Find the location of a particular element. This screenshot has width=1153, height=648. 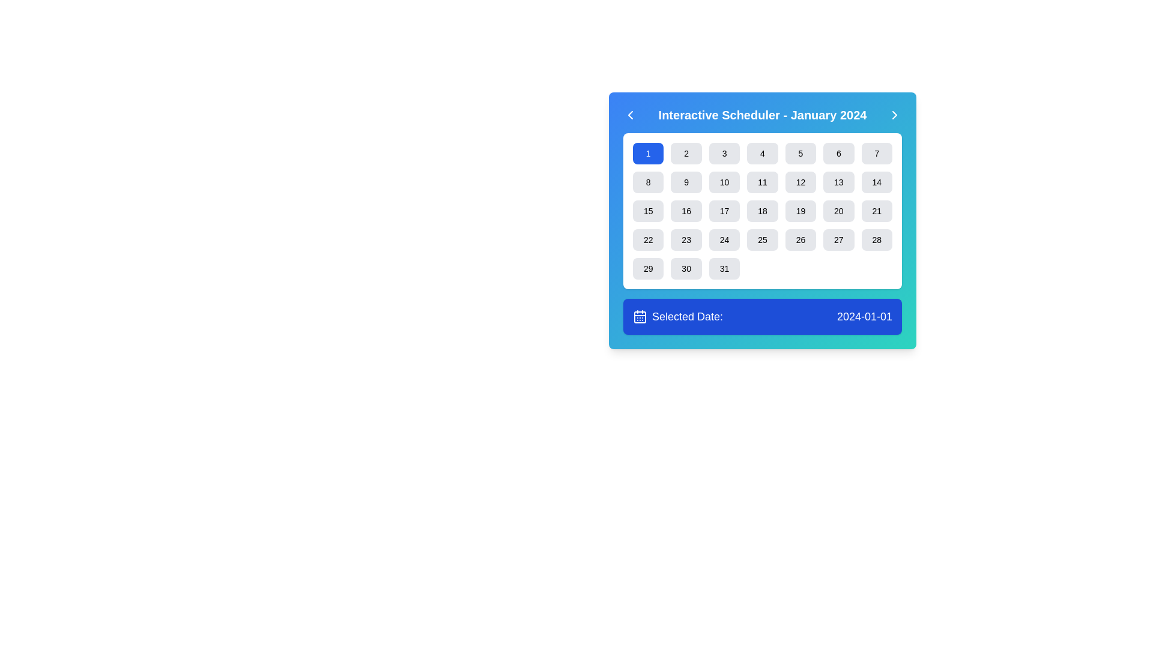

the button representing the seventh day of the month in the date scheduler is located at coordinates (877, 152).